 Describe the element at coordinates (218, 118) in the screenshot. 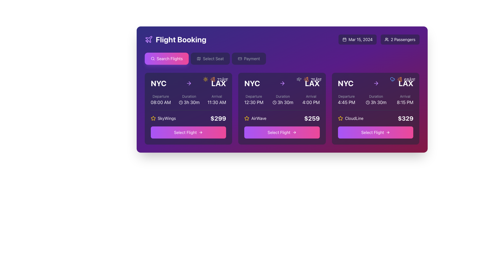

I see `the flight price information displayed in the text label located in the bottom right section of the first flight card` at that location.